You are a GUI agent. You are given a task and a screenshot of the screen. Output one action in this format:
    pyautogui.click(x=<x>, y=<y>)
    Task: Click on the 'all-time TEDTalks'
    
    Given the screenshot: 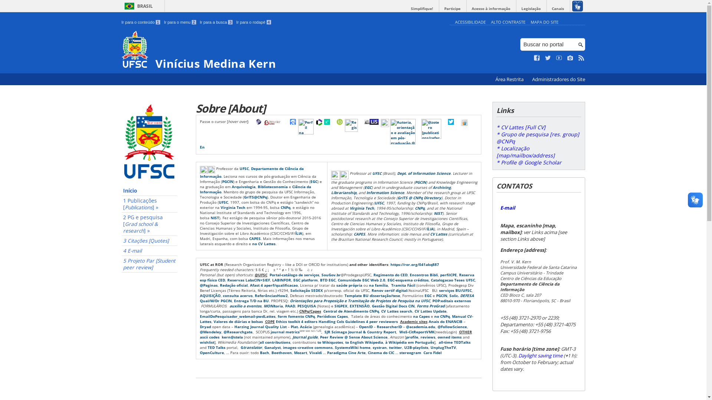 What is the action you would take?
    pyautogui.click(x=454, y=342)
    